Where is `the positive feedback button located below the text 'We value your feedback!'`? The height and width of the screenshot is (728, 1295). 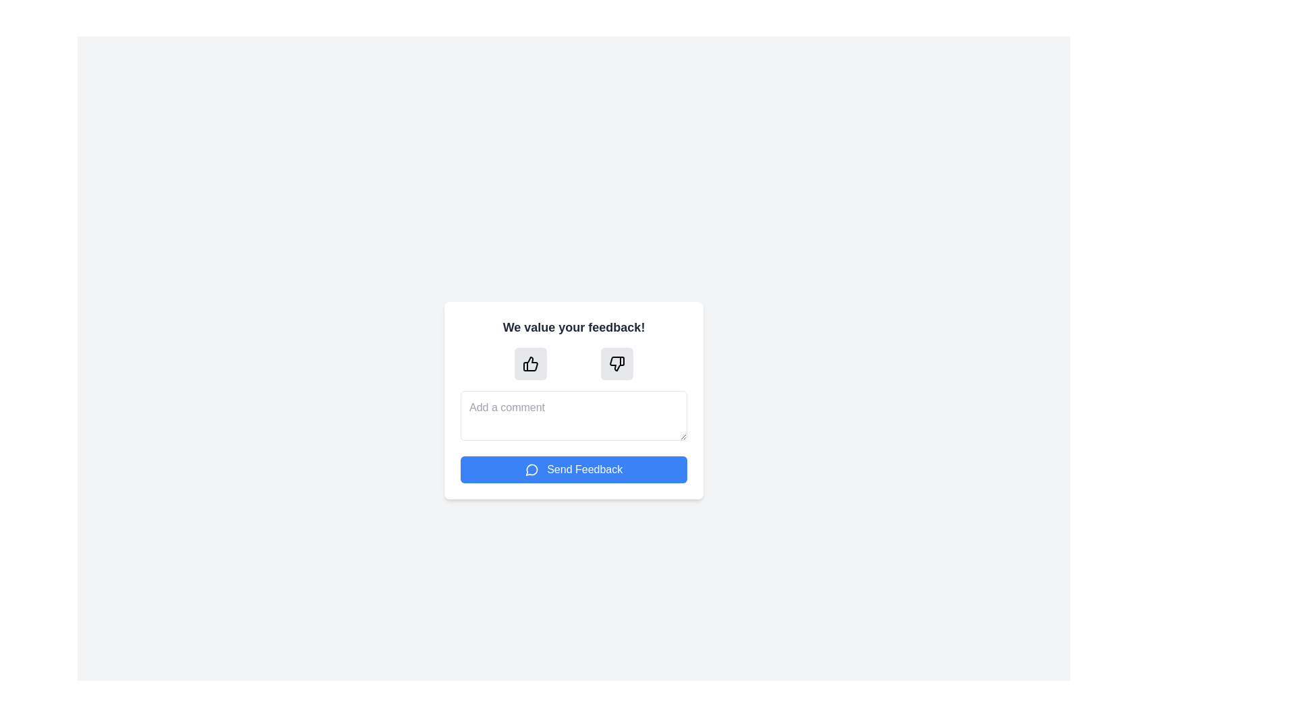 the positive feedback button located below the text 'We value your feedback!' is located at coordinates (530, 363).